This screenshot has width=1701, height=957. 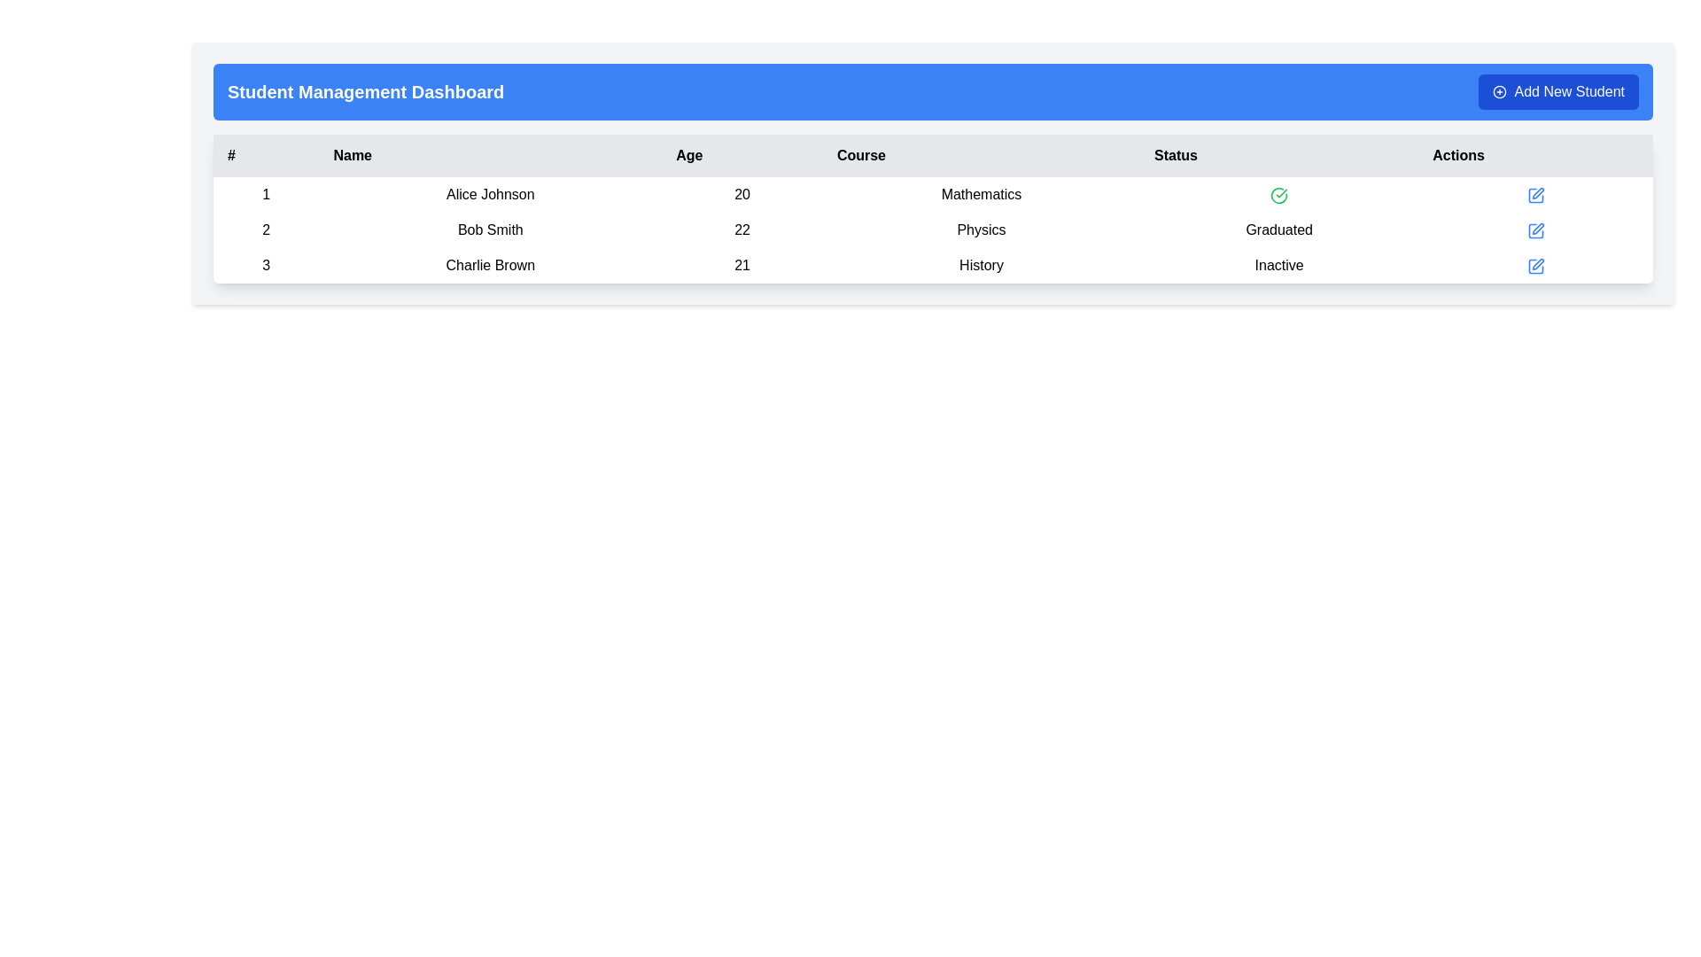 What do you see at coordinates (1279, 195) in the screenshot?
I see `the SVG graphic icon in the 'Status' column of the first row in the table` at bounding box center [1279, 195].